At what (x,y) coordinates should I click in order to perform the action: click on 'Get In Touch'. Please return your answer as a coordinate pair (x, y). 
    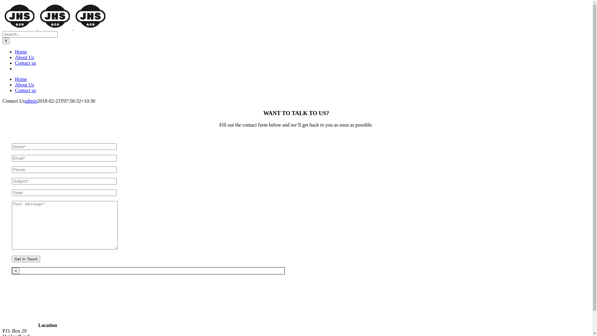
    Looking at the image, I should click on (25, 259).